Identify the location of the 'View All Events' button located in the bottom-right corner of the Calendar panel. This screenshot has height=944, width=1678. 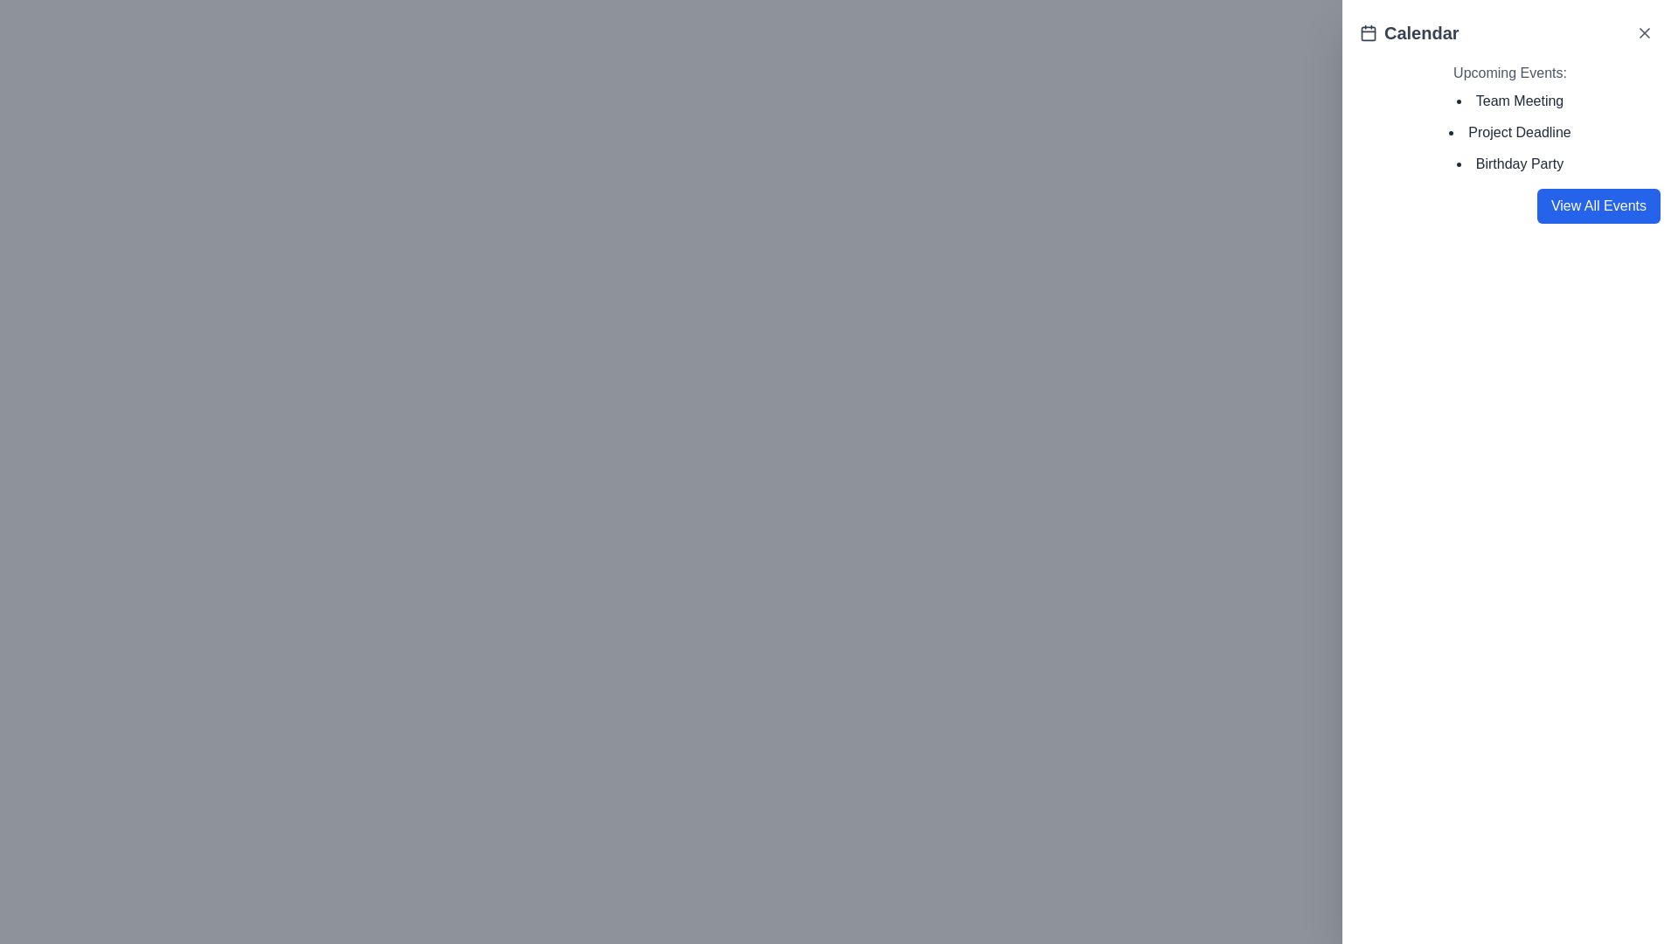
(1598, 205).